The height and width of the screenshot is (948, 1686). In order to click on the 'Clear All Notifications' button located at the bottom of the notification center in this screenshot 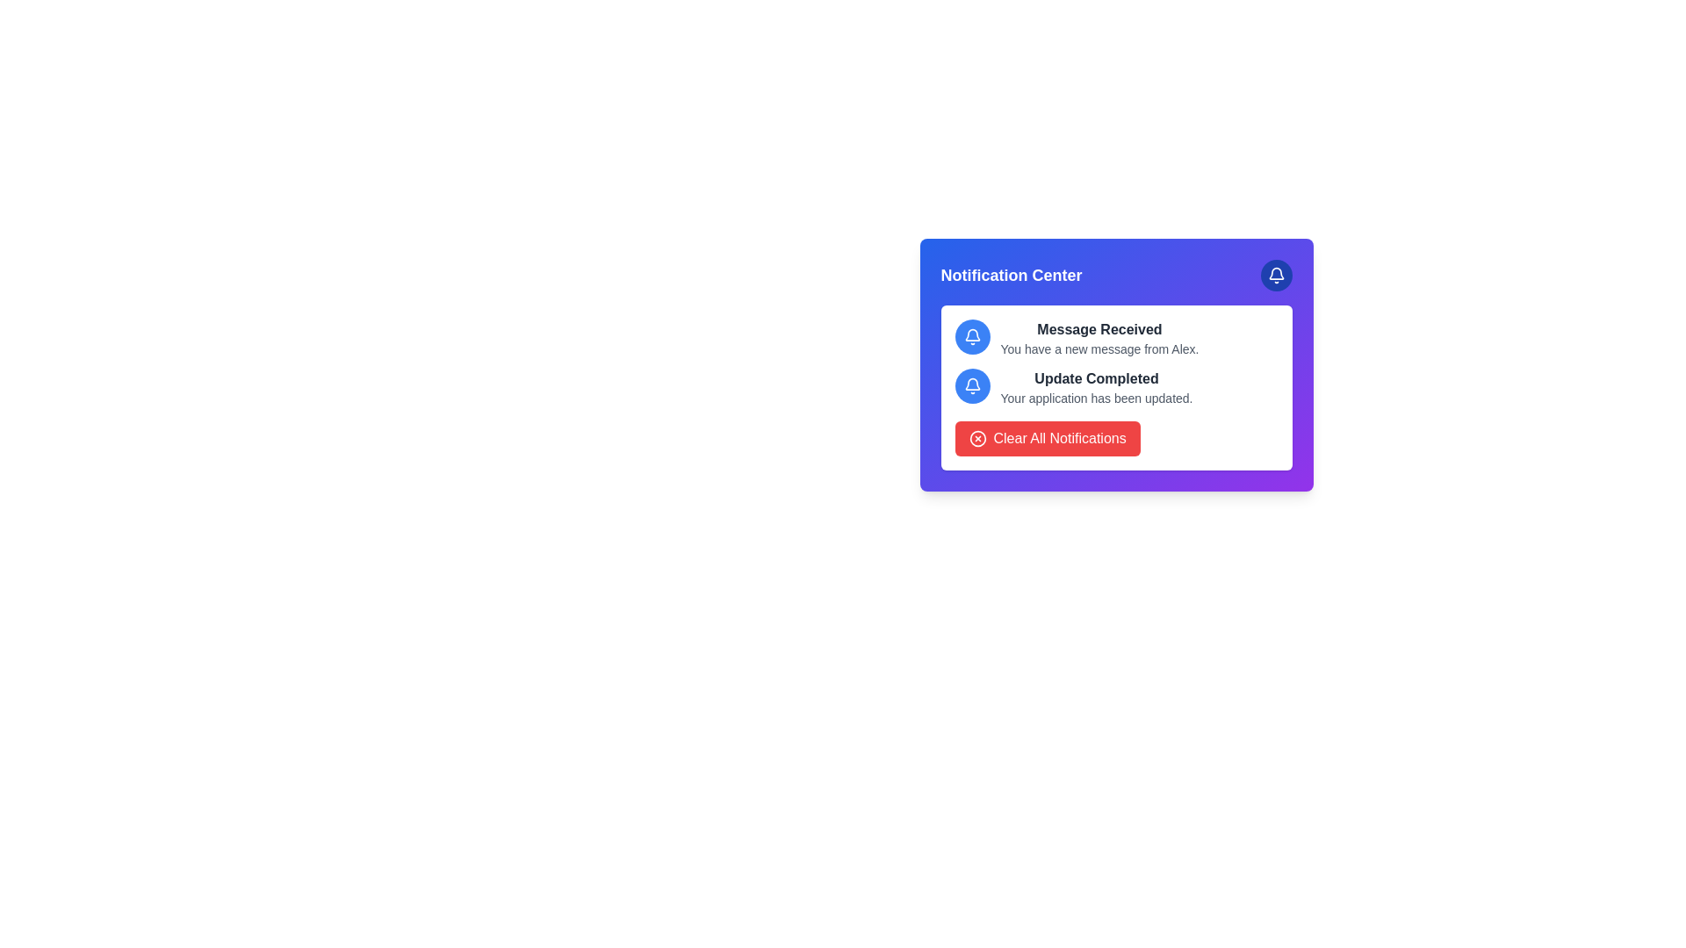, I will do `click(1048, 438)`.